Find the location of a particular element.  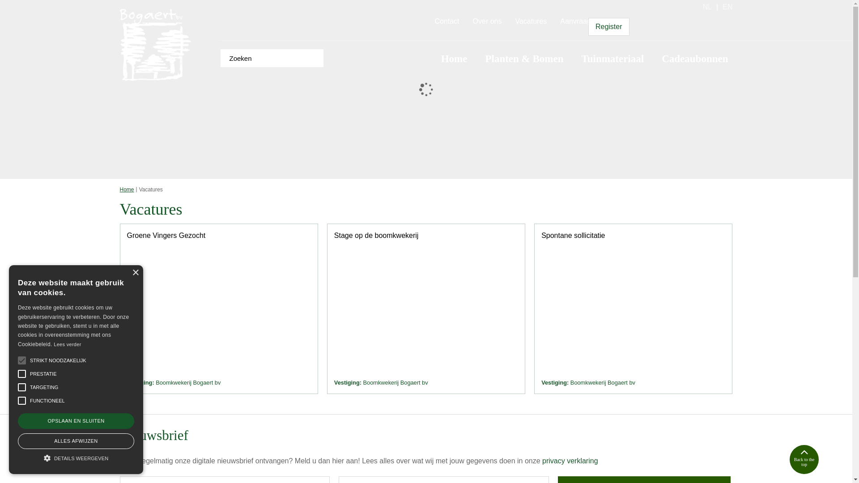

'Register' is located at coordinates (608, 26).